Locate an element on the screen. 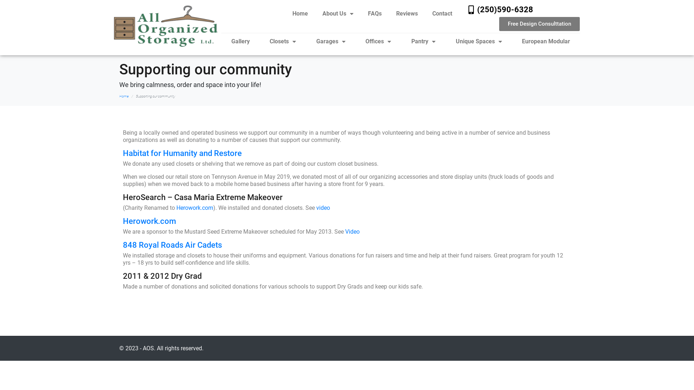  'Garages' is located at coordinates (330, 42).